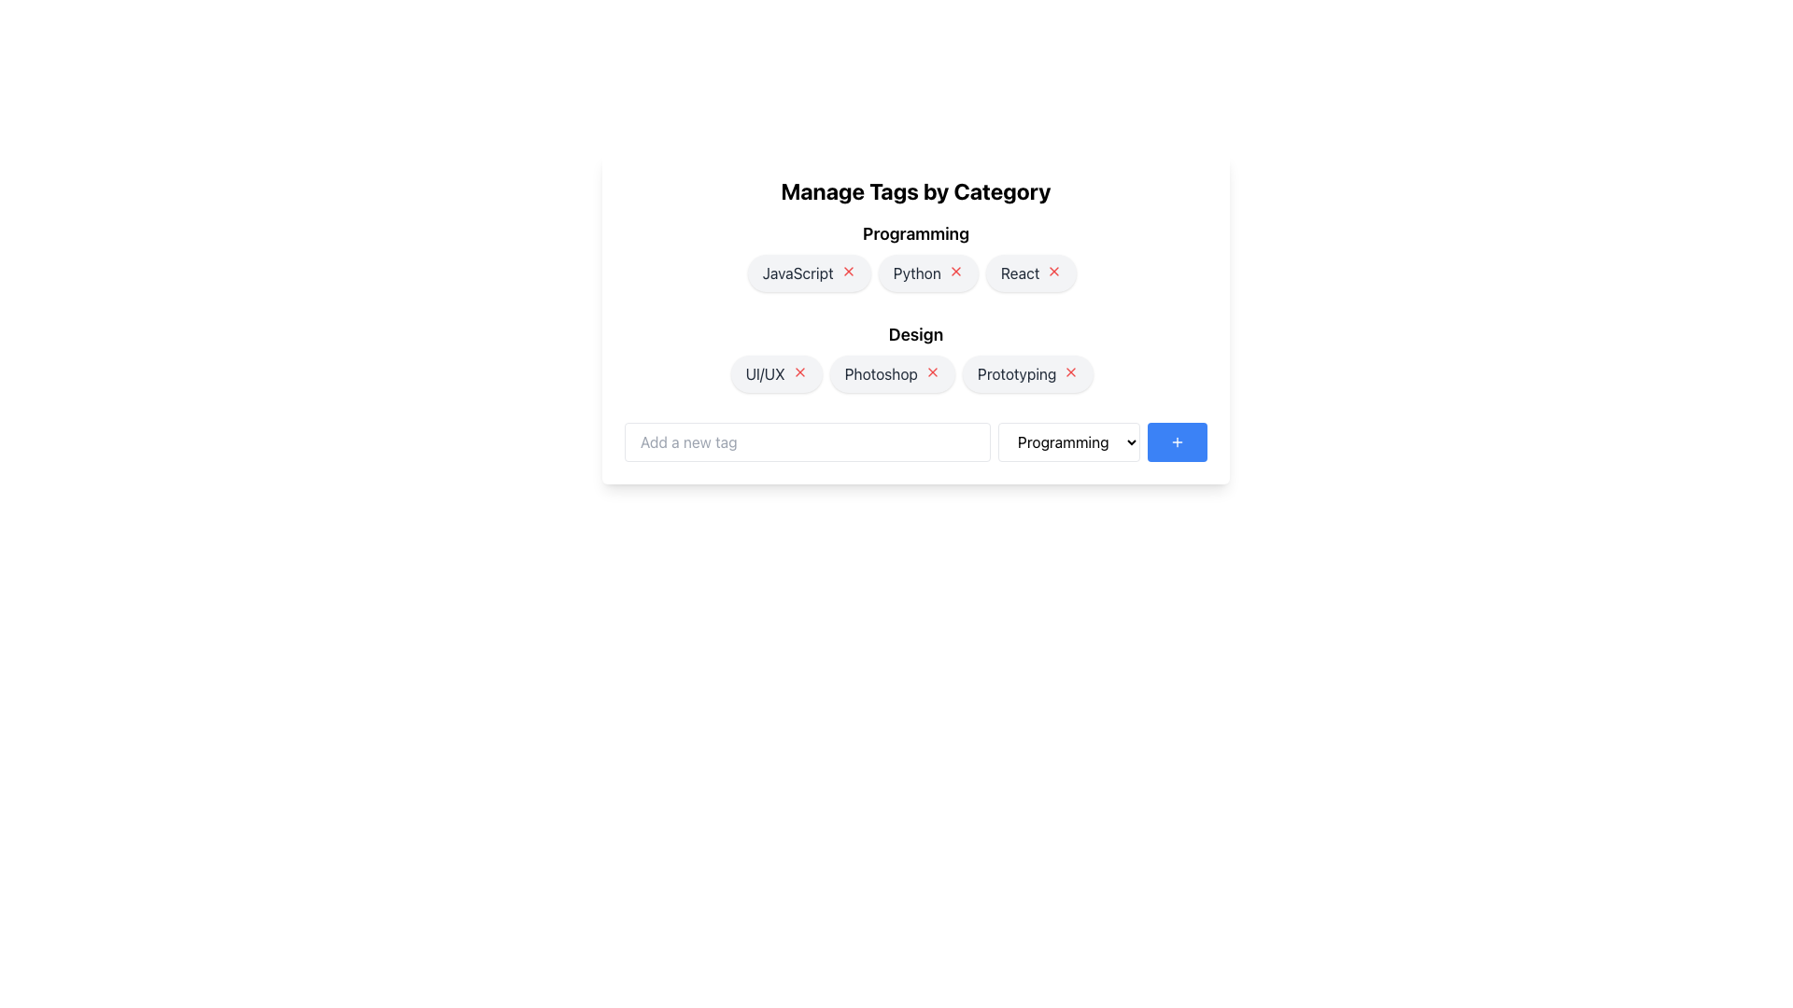  What do you see at coordinates (1019, 273) in the screenshot?
I see `the text label indicating the 'React' programming language within the tag management interface for additional information` at bounding box center [1019, 273].